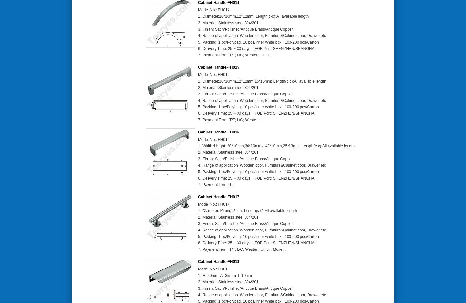 This screenshot has width=466, height=303. What do you see at coordinates (228, 119) in the screenshot?
I see `'7, Payment Term: T/T; L/C; Weste...'` at bounding box center [228, 119].